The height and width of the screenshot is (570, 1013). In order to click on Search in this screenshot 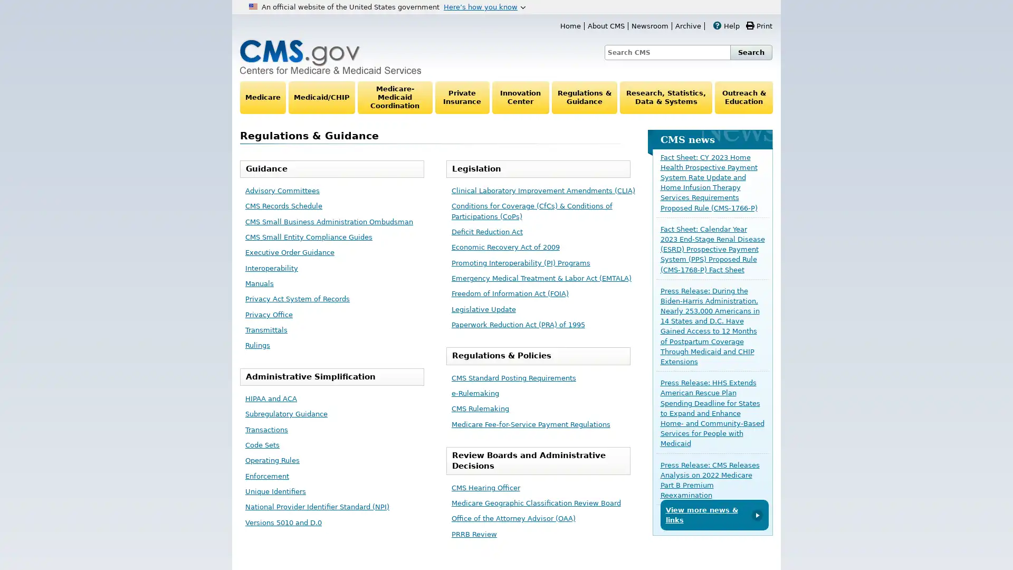, I will do `click(751, 52)`.